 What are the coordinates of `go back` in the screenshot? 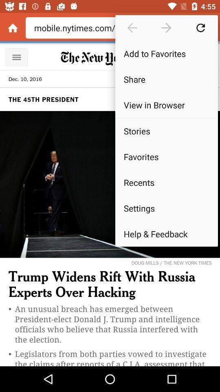 It's located at (132, 28).